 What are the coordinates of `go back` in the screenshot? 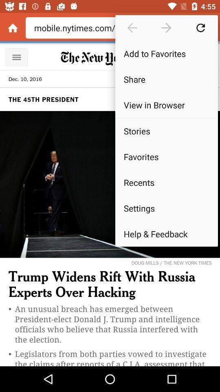 It's located at (132, 28).